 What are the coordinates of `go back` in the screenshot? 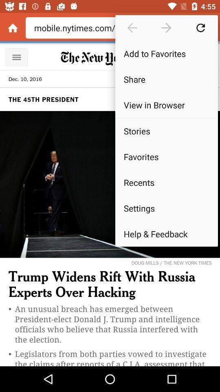 It's located at (132, 28).